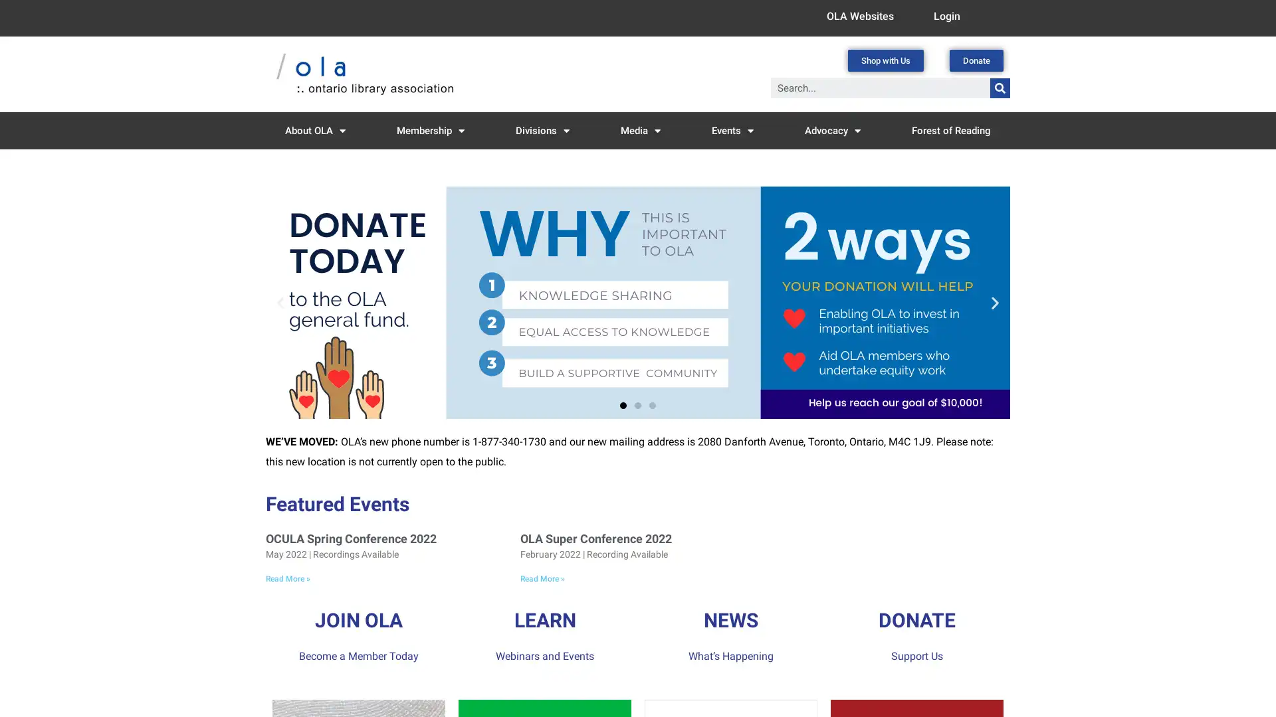 The width and height of the screenshot is (1276, 717). Describe the element at coordinates (976, 60) in the screenshot. I see `Donate` at that location.